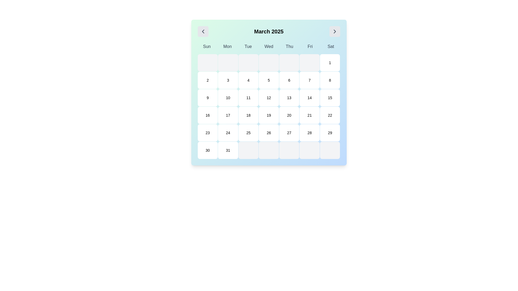 This screenshot has width=518, height=291. Describe the element at coordinates (269, 150) in the screenshot. I see `the inactive calendar date cell representing Thursday, which is part of the week containing the 26th of the month` at that location.